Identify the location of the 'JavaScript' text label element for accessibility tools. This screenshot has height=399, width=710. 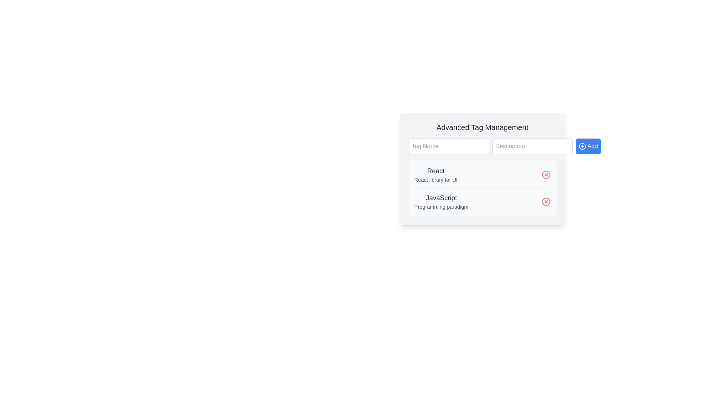
(441, 202).